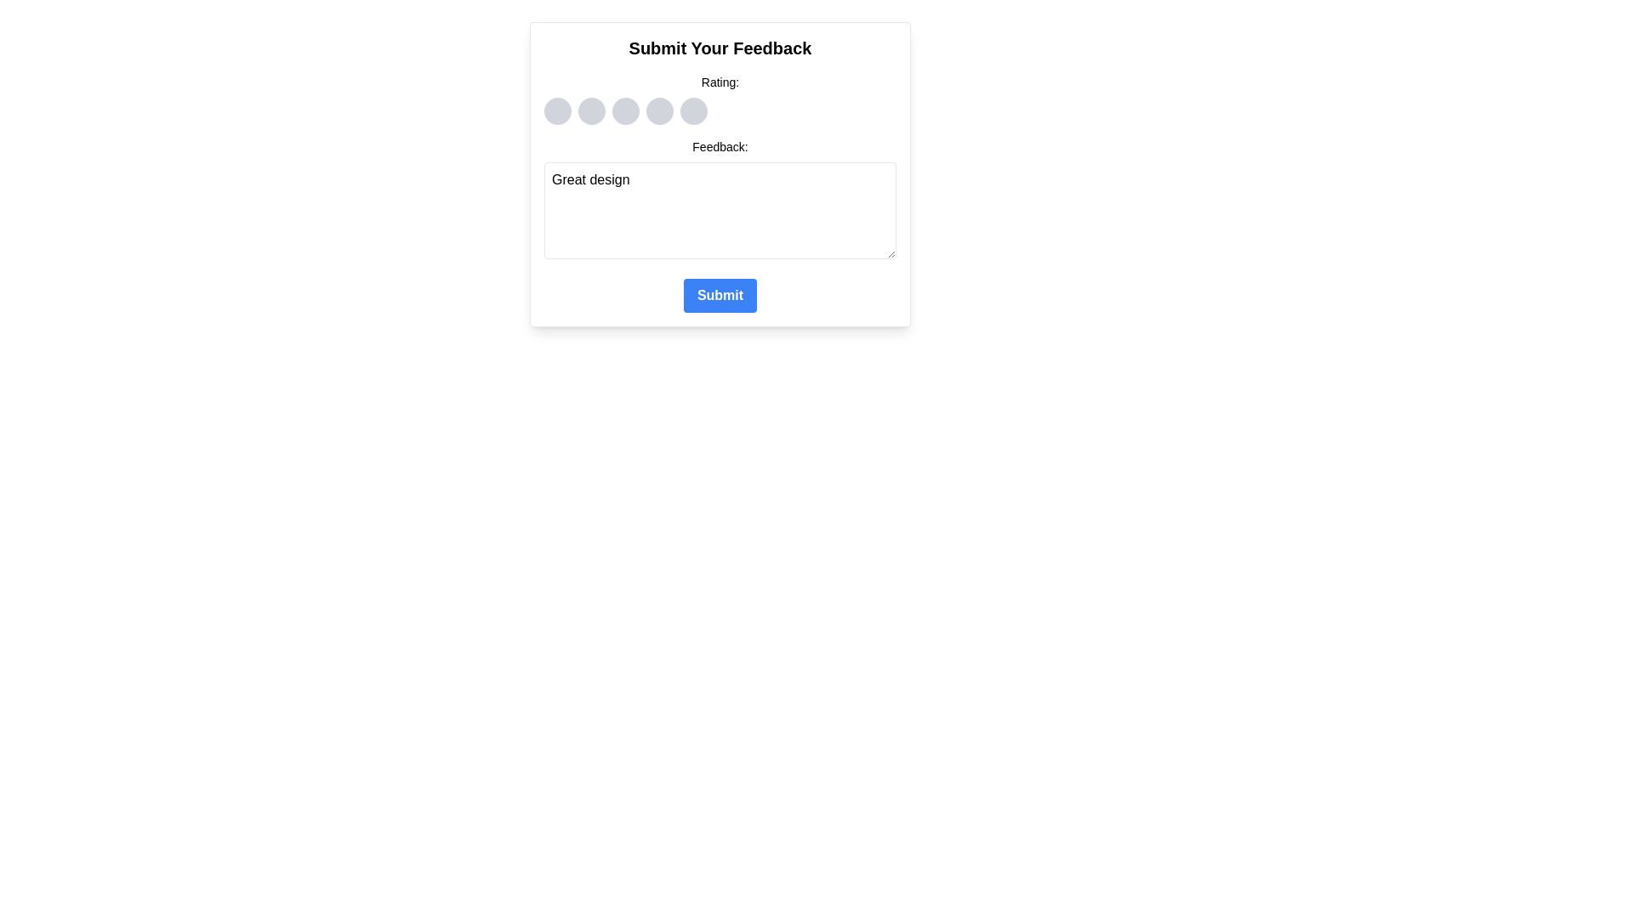 Image resolution: width=1633 pixels, height=918 pixels. What do you see at coordinates (659, 111) in the screenshot?
I see `the fourth clickable gray circle button in the rating section, which is part of a row of five circular elements` at bounding box center [659, 111].